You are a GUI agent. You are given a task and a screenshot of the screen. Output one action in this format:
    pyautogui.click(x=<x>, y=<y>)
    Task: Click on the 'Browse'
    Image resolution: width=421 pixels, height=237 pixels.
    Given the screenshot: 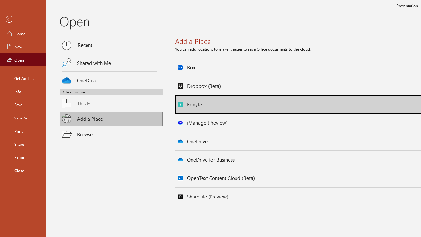 What is the action you would take?
    pyautogui.click(x=111, y=134)
    